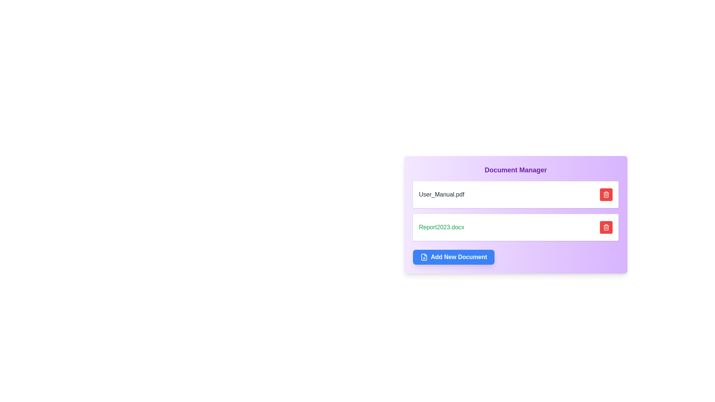  I want to click on the small blue file-plus icon located beside the 'Add New Document' text within the blue button at the bottom of the interface, so click(424, 256).